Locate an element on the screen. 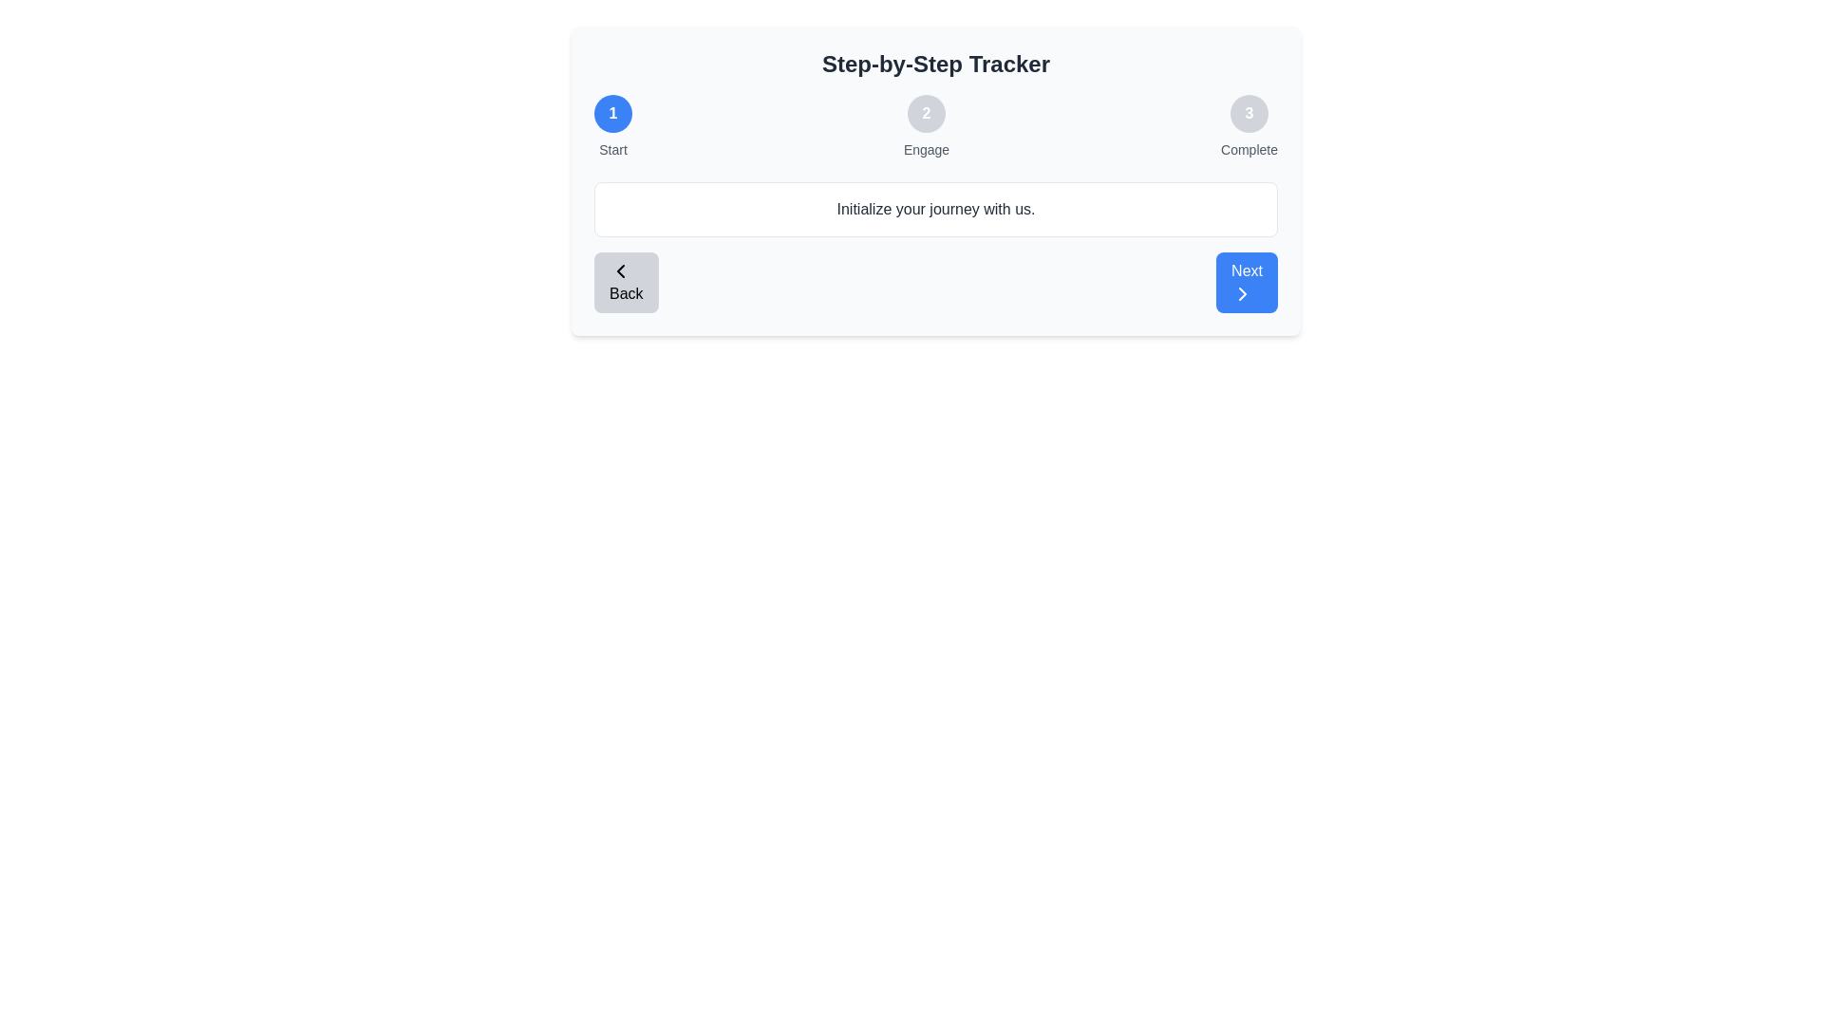 Image resolution: width=1823 pixels, height=1025 pixels. the Step Tracker element is located at coordinates (935, 127).